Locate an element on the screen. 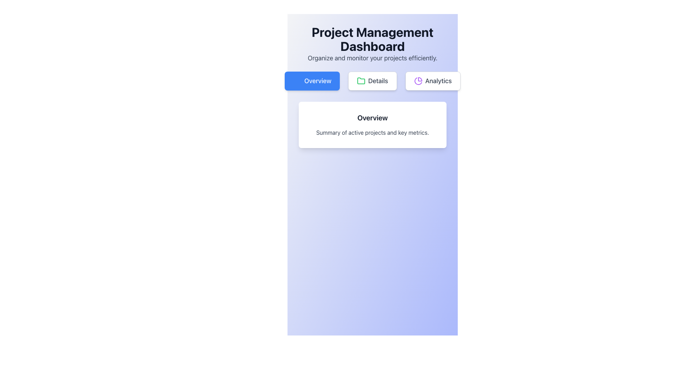 The height and width of the screenshot is (379, 674). the 'Details' button icon which represents folder content or organization, located centrally in the interface under the header section is located at coordinates (361, 81).